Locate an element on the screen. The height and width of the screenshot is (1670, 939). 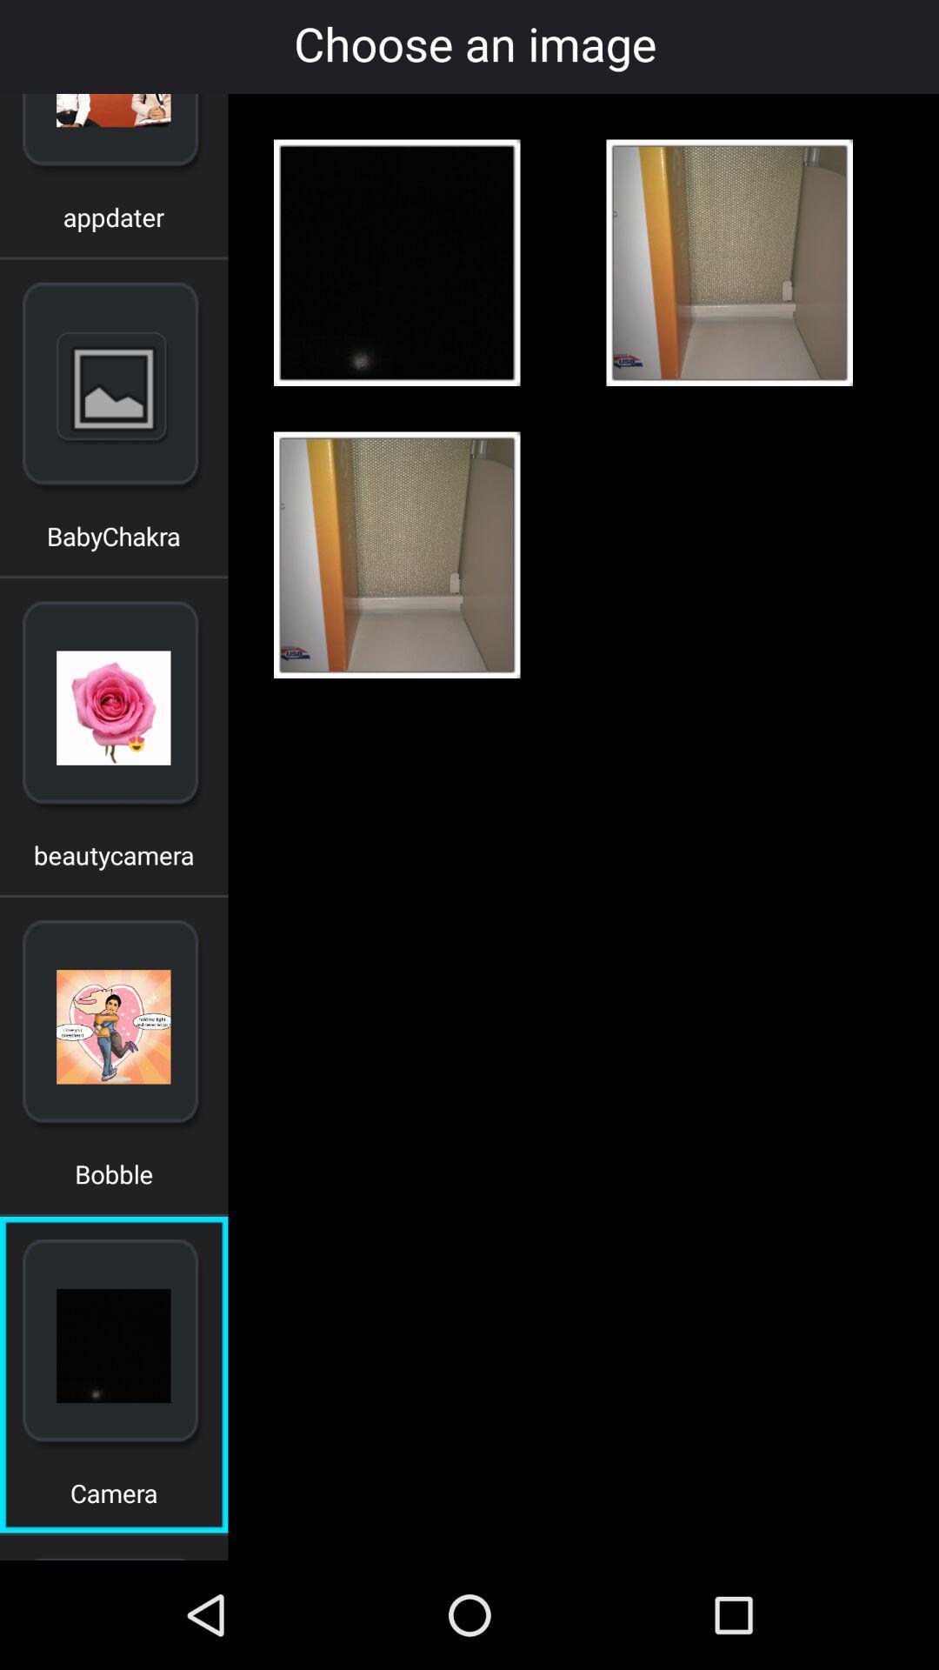
the option bobble on the page is located at coordinates (114, 1180).